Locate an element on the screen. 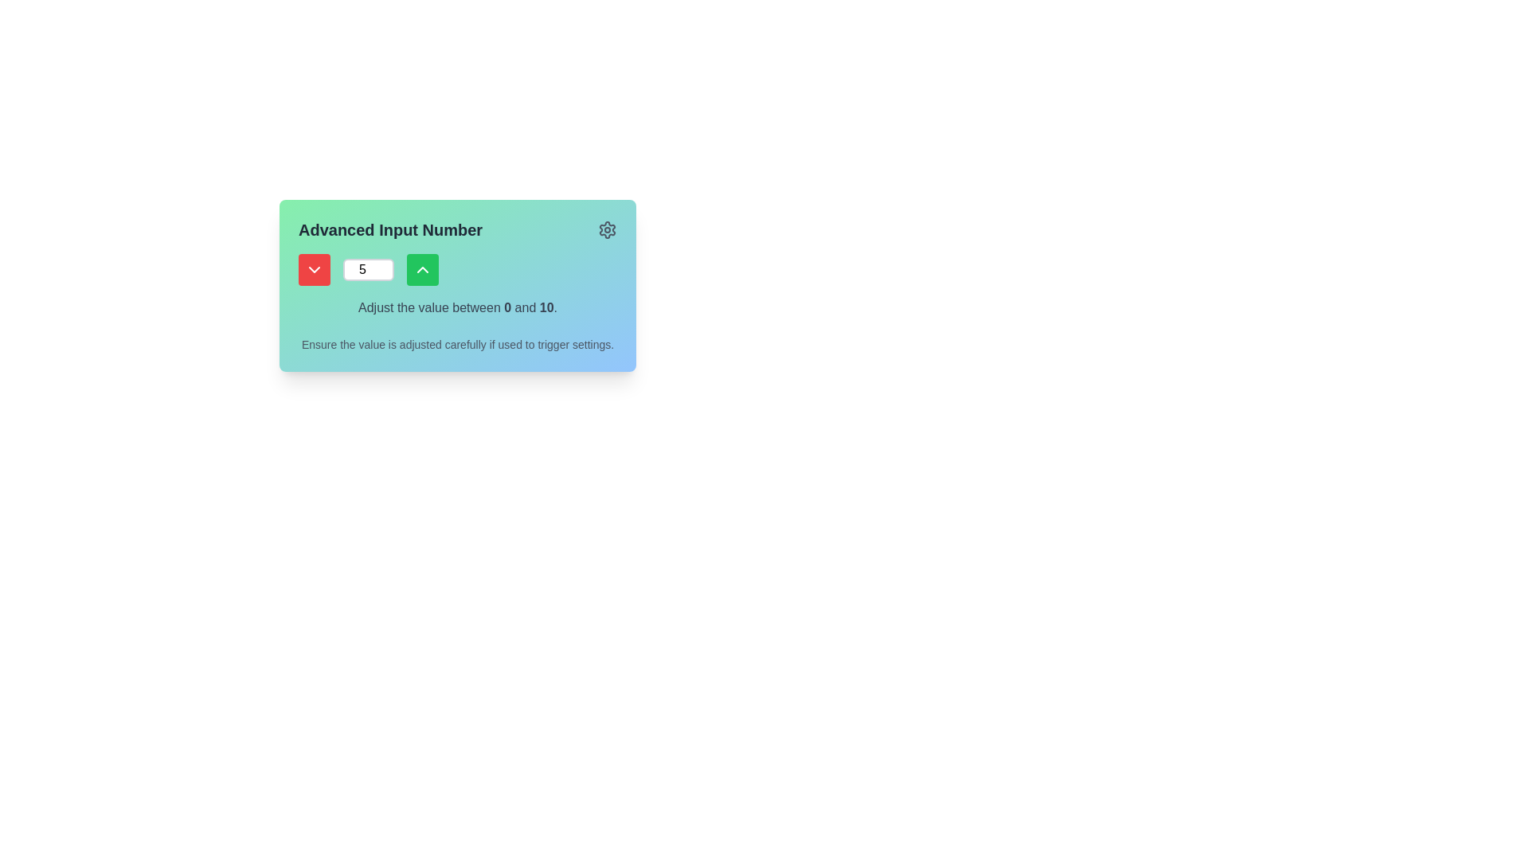 The height and width of the screenshot is (860, 1529). the gear-shaped icon located in the top-right corner of the colored card is located at coordinates (607, 230).